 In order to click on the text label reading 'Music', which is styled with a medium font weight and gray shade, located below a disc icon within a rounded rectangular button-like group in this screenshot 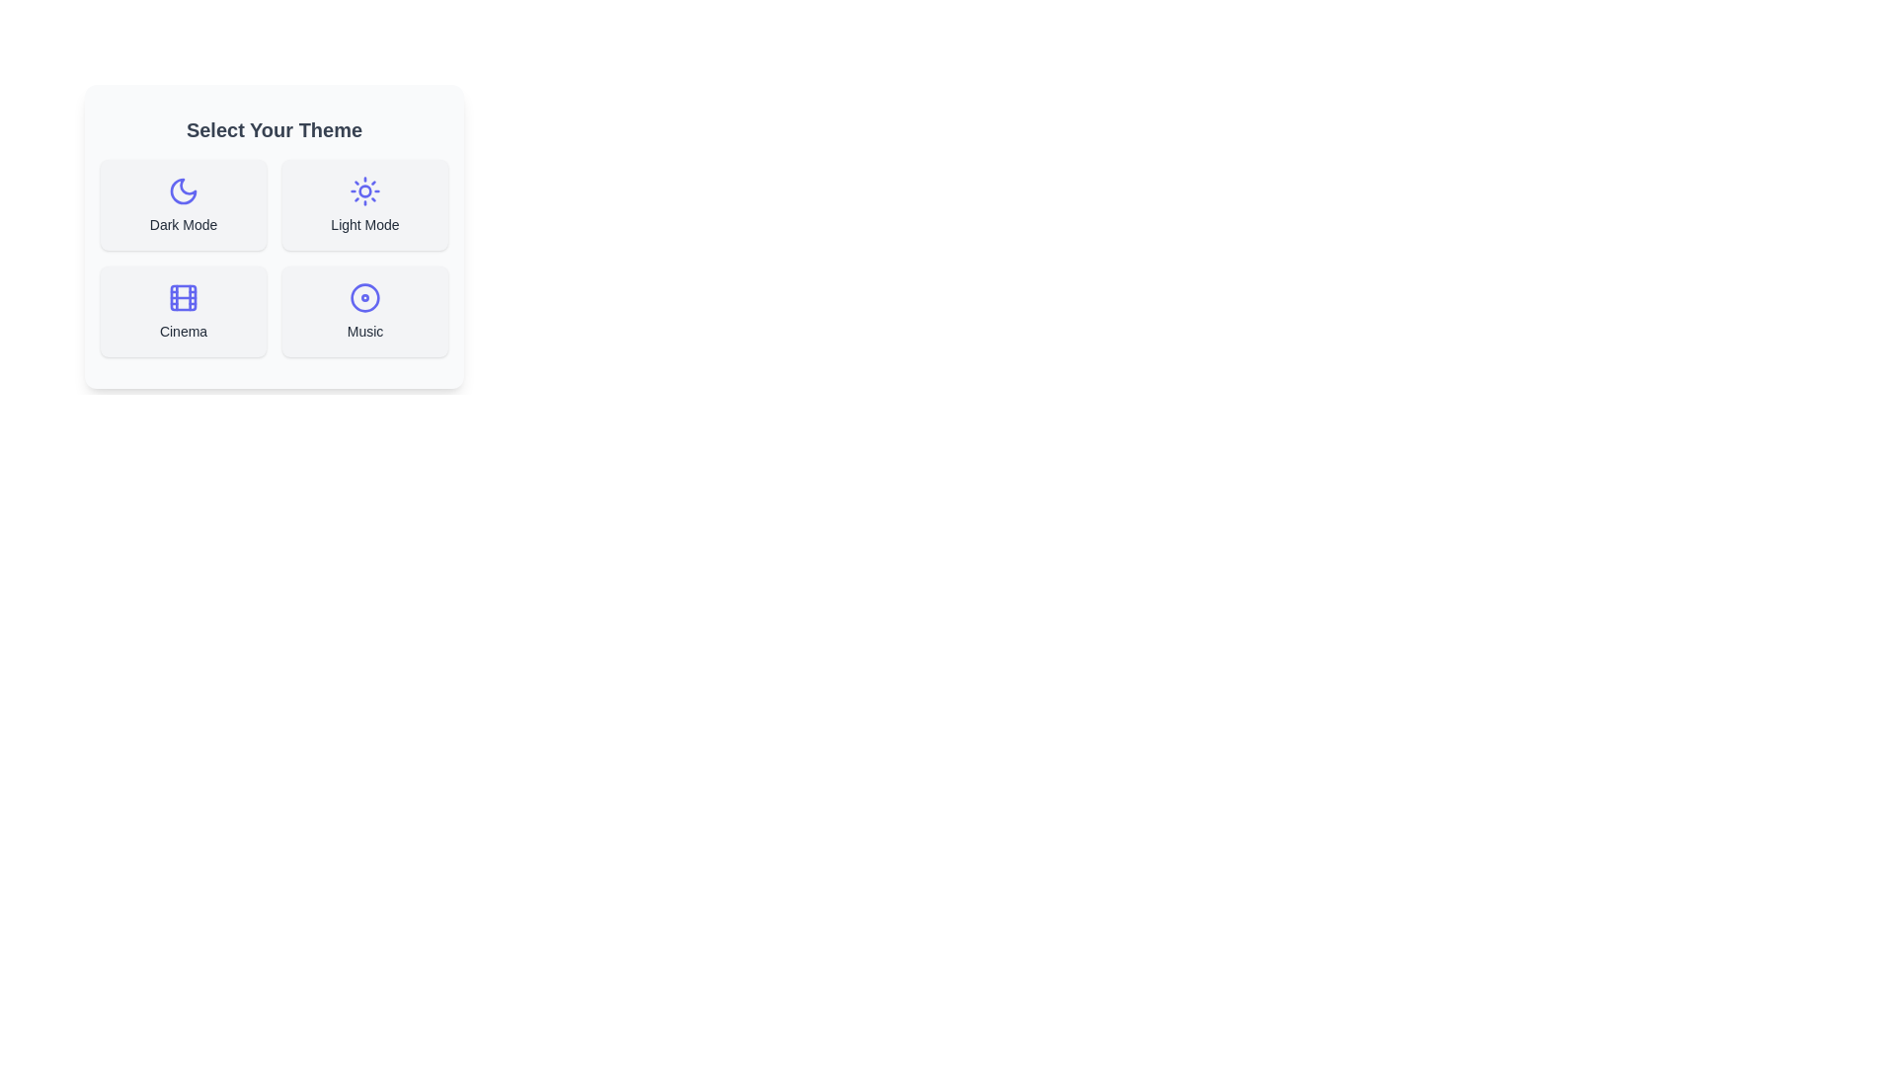, I will do `click(364, 330)`.